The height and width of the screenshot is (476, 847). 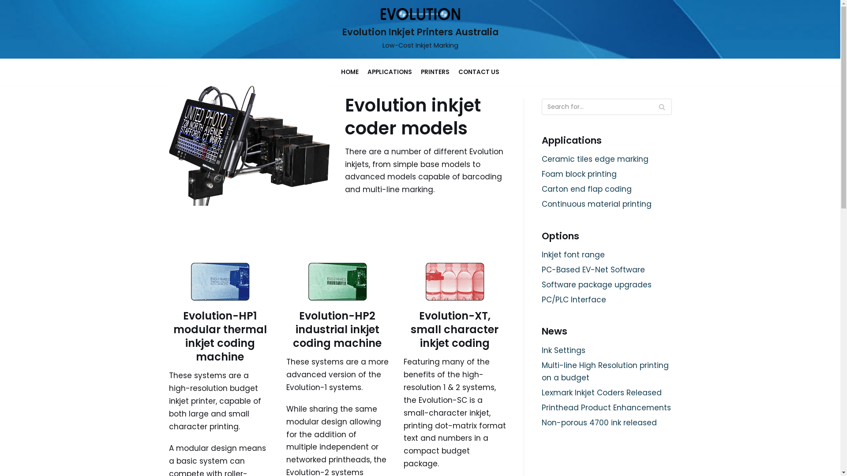 I want to click on 'HOME', so click(x=349, y=71).